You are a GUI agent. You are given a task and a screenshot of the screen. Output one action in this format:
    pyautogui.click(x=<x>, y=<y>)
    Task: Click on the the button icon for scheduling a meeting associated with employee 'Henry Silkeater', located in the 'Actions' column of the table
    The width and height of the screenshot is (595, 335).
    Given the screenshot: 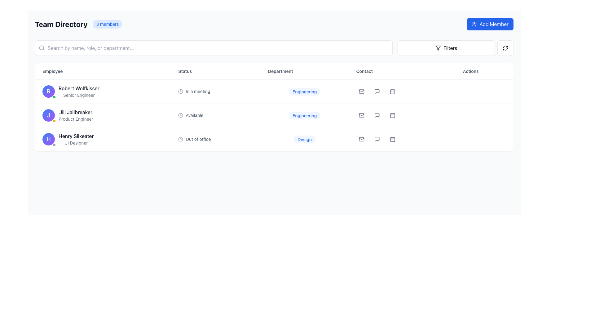 What is the action you would take?
    pyautogui.click(x=392, y=139)
    